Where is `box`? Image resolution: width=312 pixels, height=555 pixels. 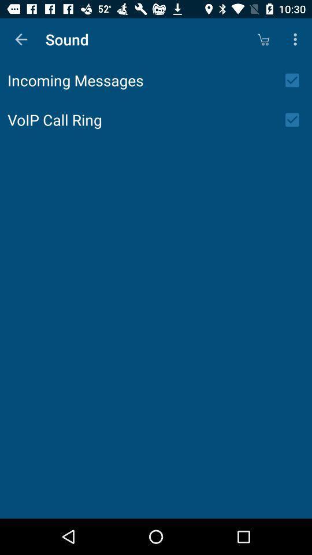 box is located at coordinates (296, 80).